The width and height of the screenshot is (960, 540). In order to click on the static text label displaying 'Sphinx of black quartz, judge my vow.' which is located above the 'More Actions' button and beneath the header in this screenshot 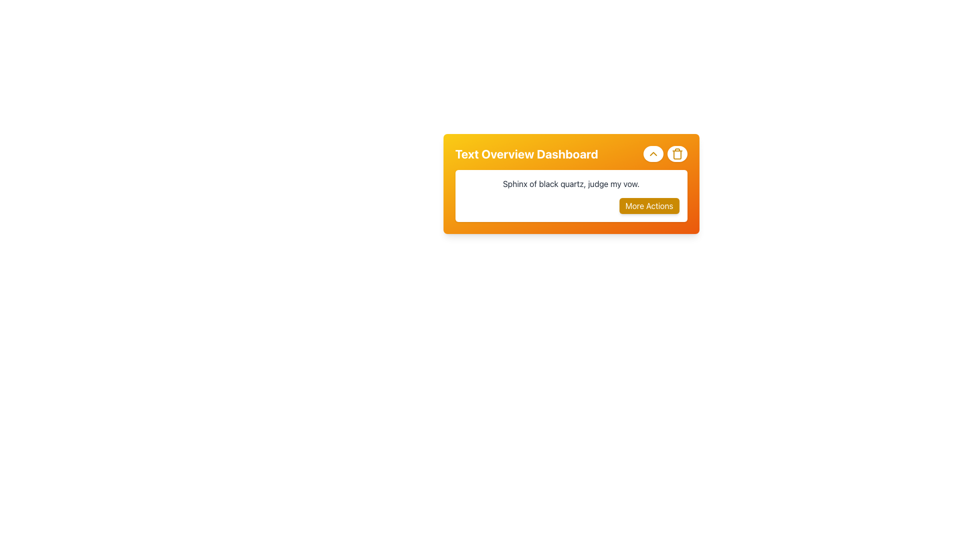, I will do `click(571, 183)`.